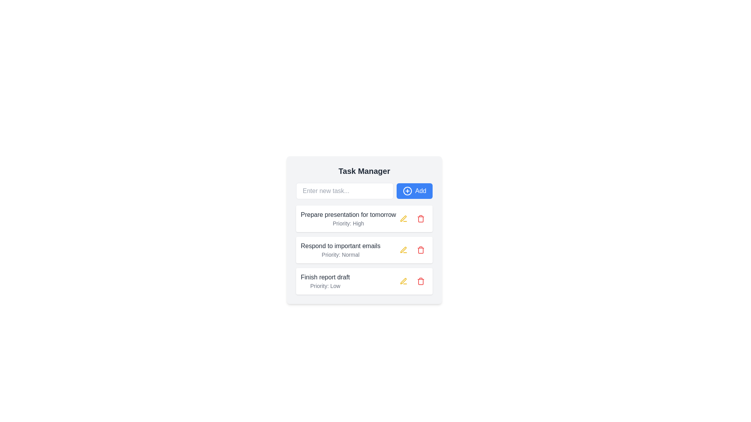 The width and height of the screenshot is (751, 422). Describe the element at coordinates (348, 223) in the screenshot. I see `the text label displaying 'Priority: High', which is styled with a small gray font and provides secondary information beneath the main task item 'Prepare presentation for tomorrow'` at that location.